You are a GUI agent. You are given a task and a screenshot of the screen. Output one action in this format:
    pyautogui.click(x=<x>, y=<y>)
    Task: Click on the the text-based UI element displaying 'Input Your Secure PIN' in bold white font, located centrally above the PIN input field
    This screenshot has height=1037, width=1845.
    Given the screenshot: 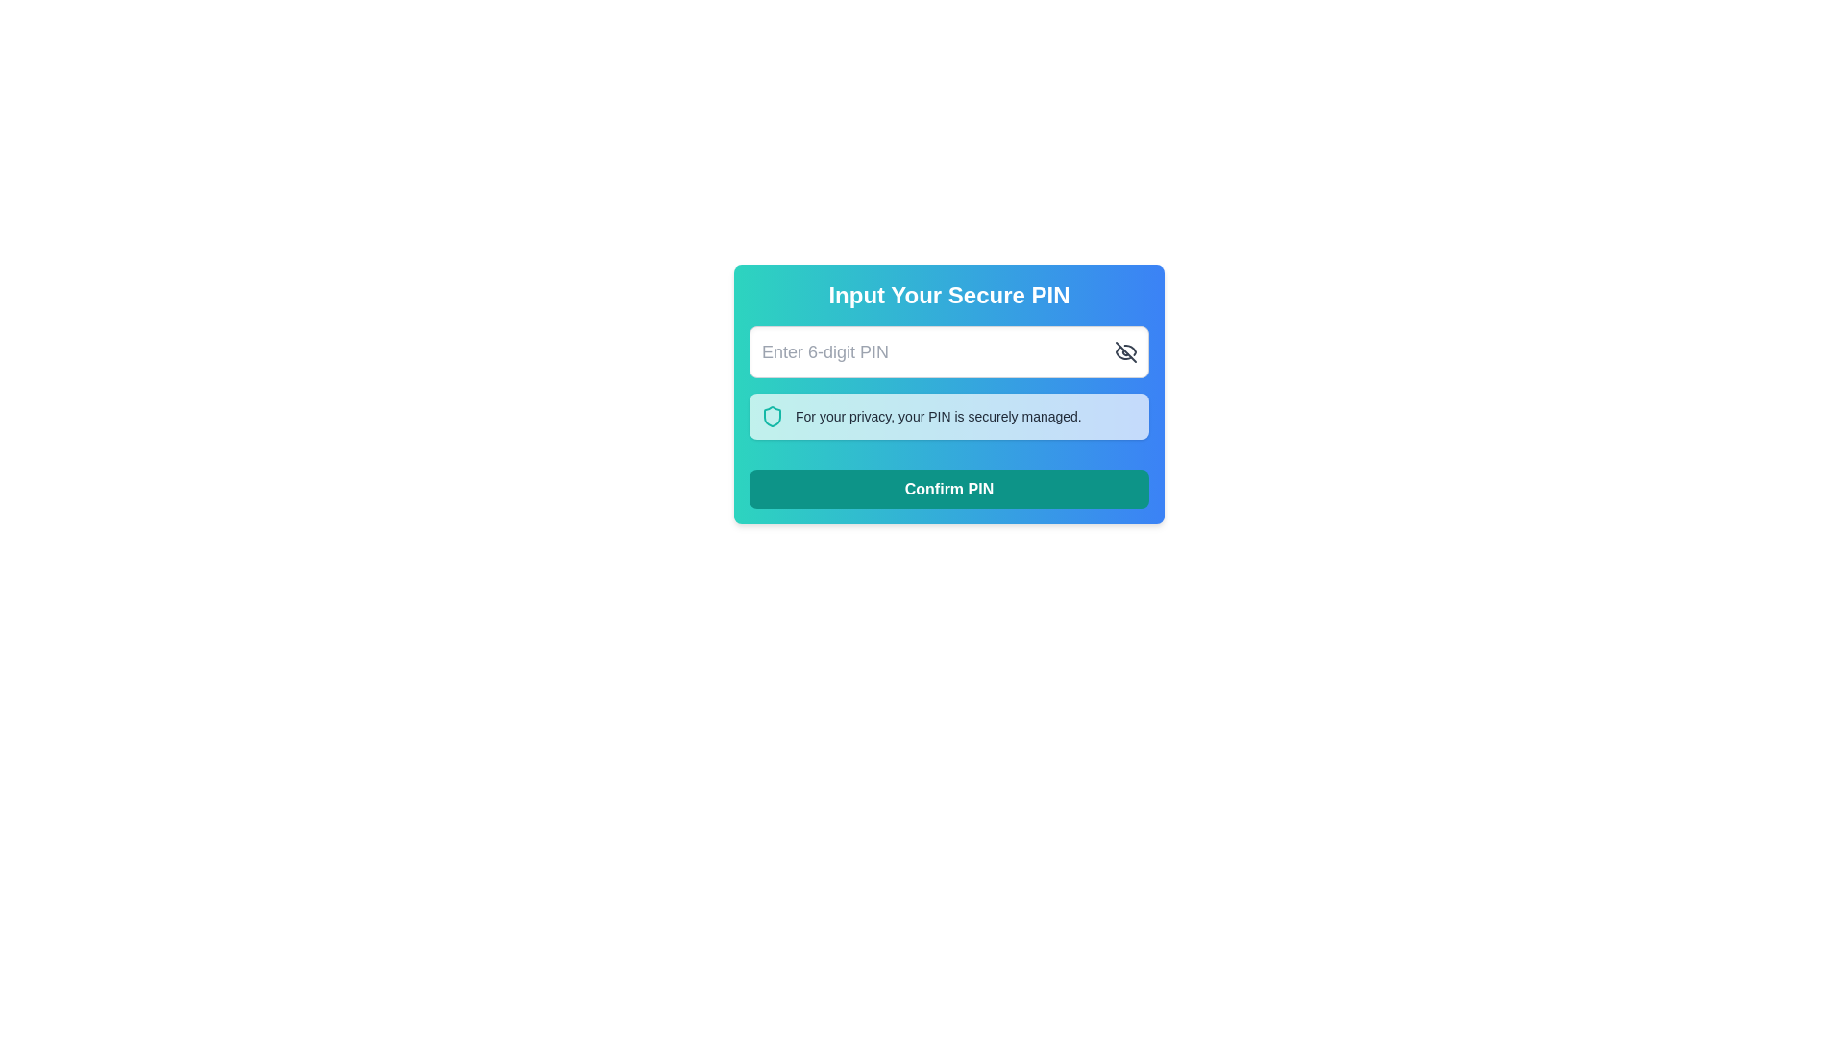 What is the action you would take?
    pyautogui.click(x=949, y=296)
    